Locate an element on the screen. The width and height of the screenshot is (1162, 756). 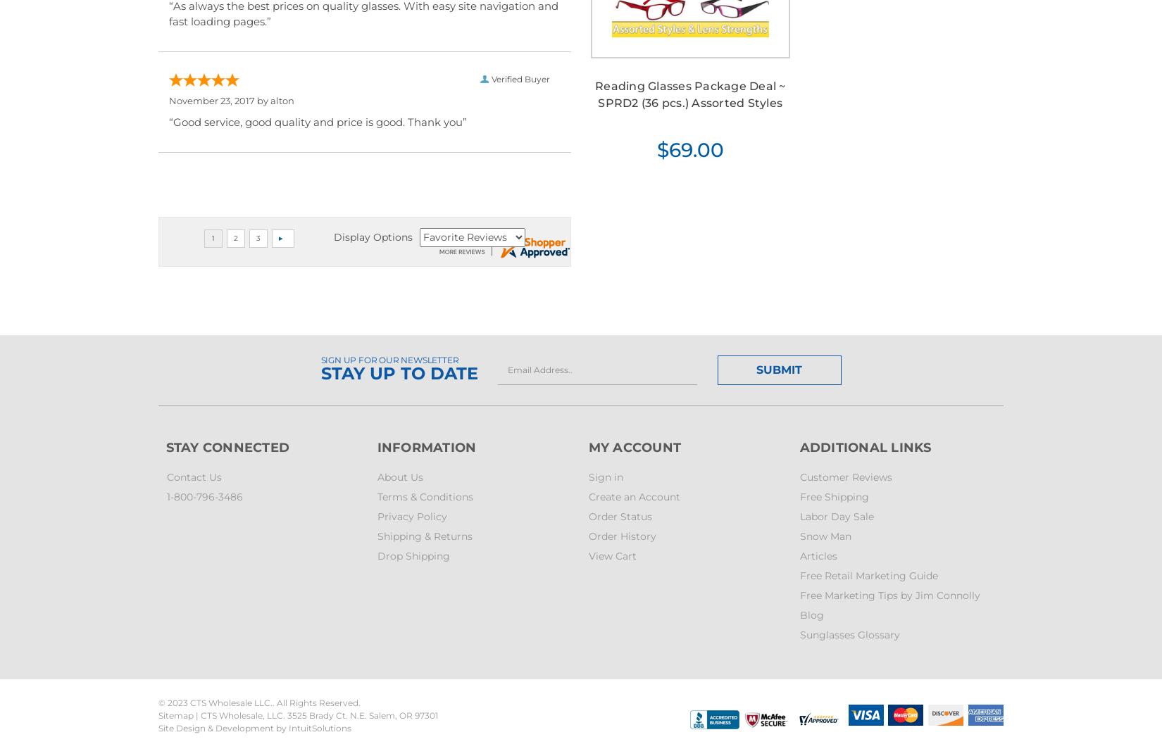
'Site Design & Development by' is located at coordinates (223, 727).